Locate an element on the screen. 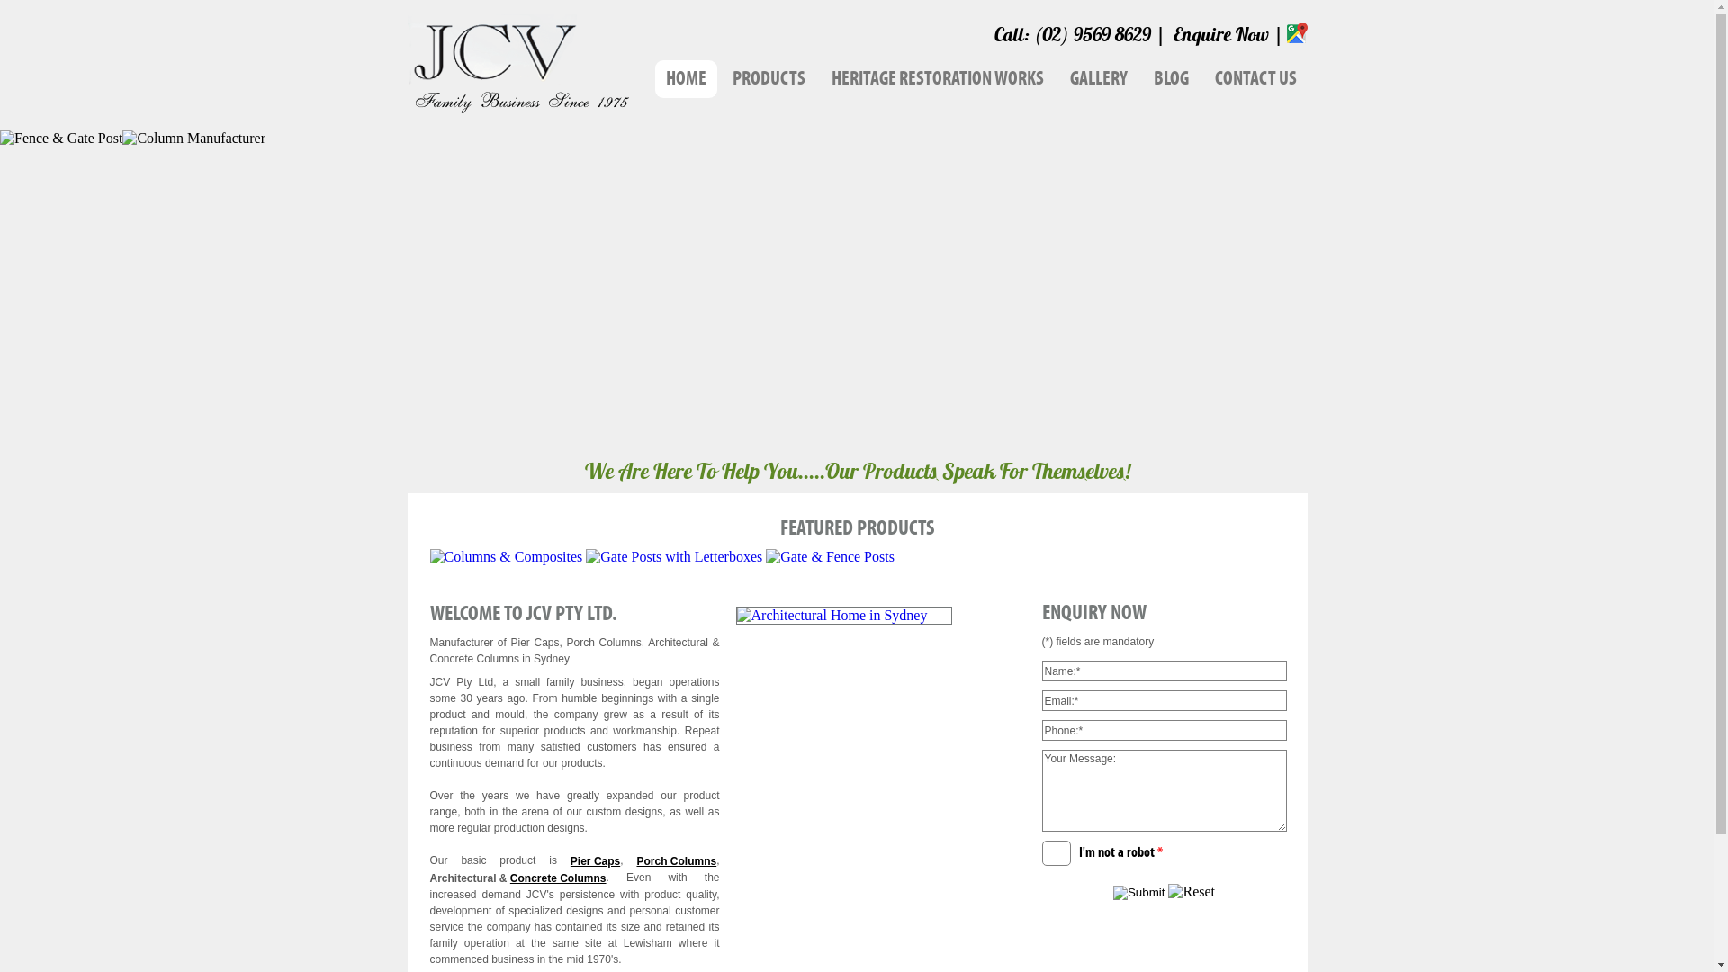  'CONTACT US' is located at coordinates (1255, 78).